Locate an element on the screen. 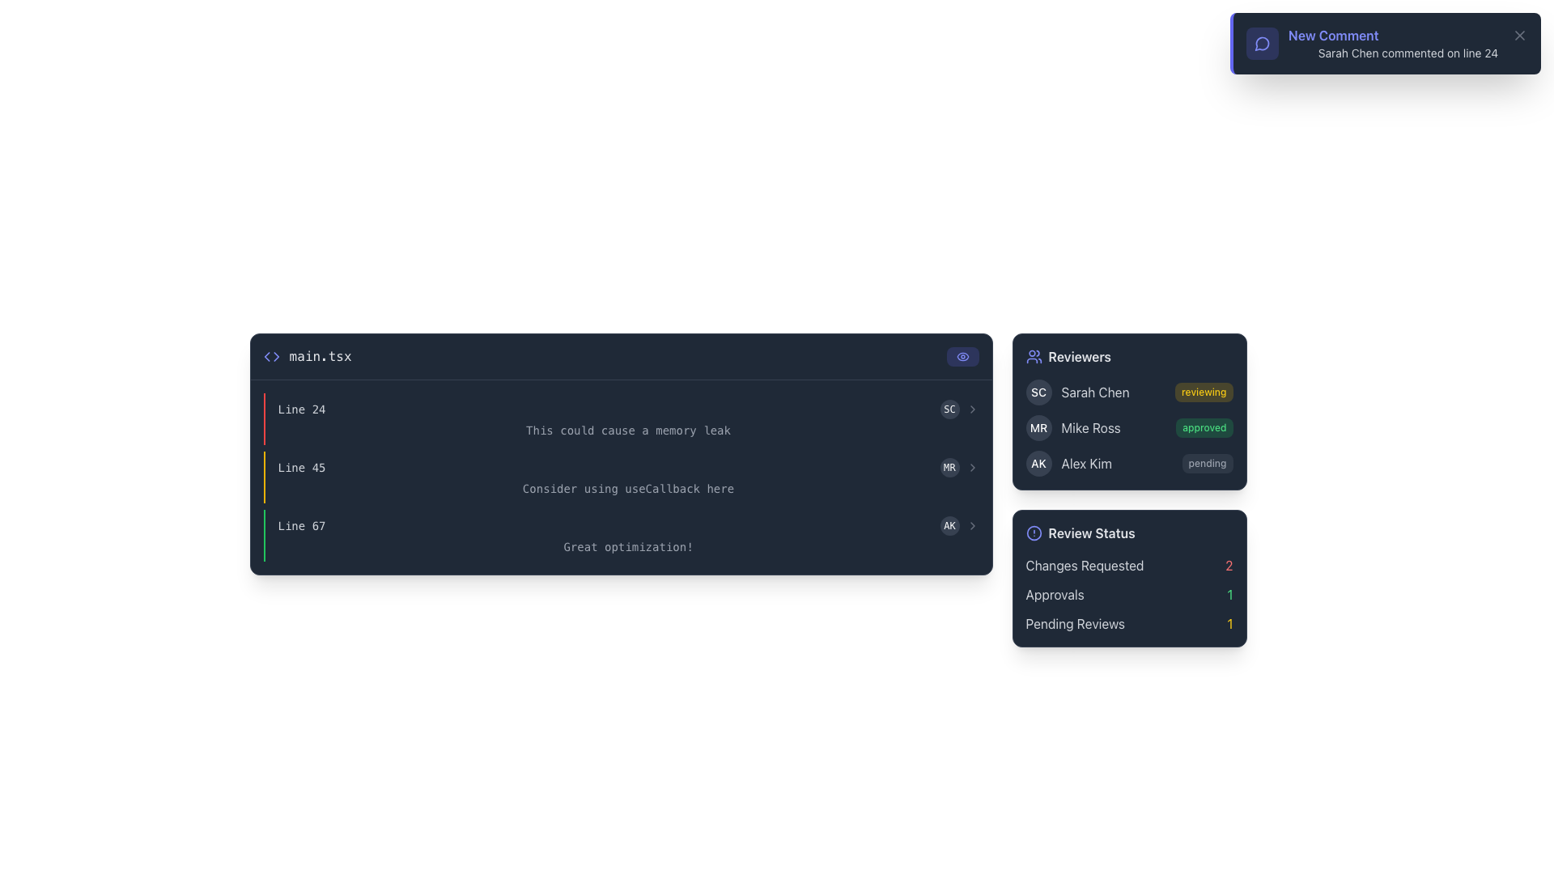 This screenshot has height=874, width=1554. the prominent notification card with the header 'New Comment' and the dismiss 'X' icon located at the top-right area of the interface is located at coordinates (1386, 43).